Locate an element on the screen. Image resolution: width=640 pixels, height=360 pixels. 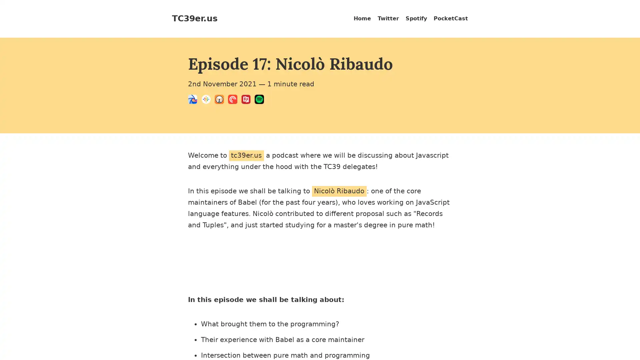
Spotify Logo is located at coordinates (261, 100).